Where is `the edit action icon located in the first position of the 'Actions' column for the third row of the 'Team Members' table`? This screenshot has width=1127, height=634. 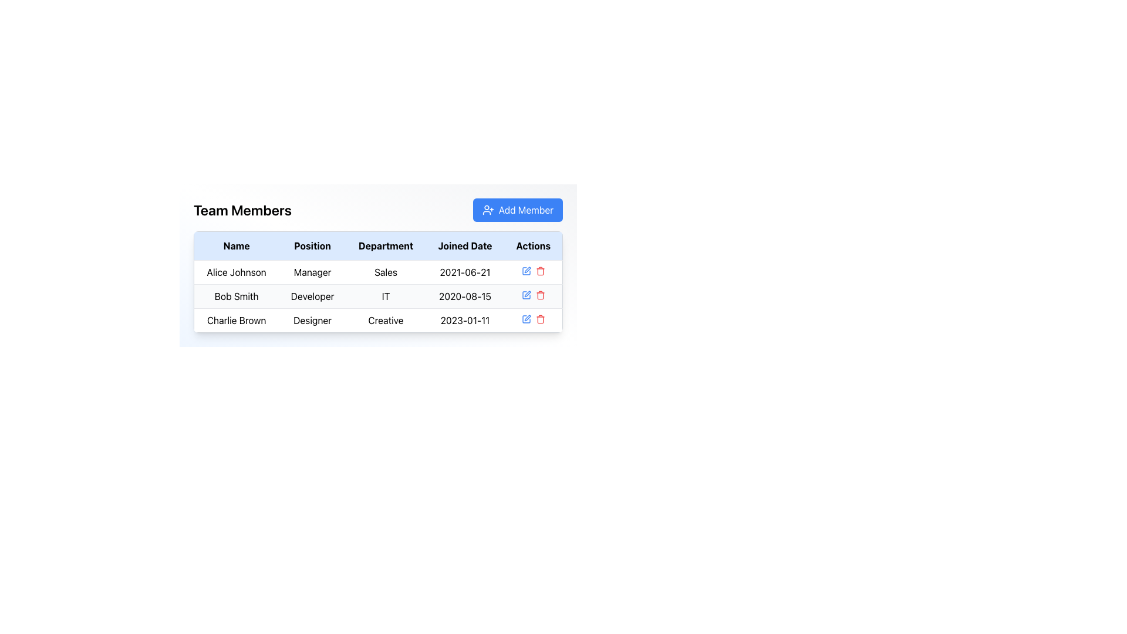 the edit action icon located in the first position of the 'Actions' column for the third row of the 'Team Members' table is located at coordinates (527, 318).